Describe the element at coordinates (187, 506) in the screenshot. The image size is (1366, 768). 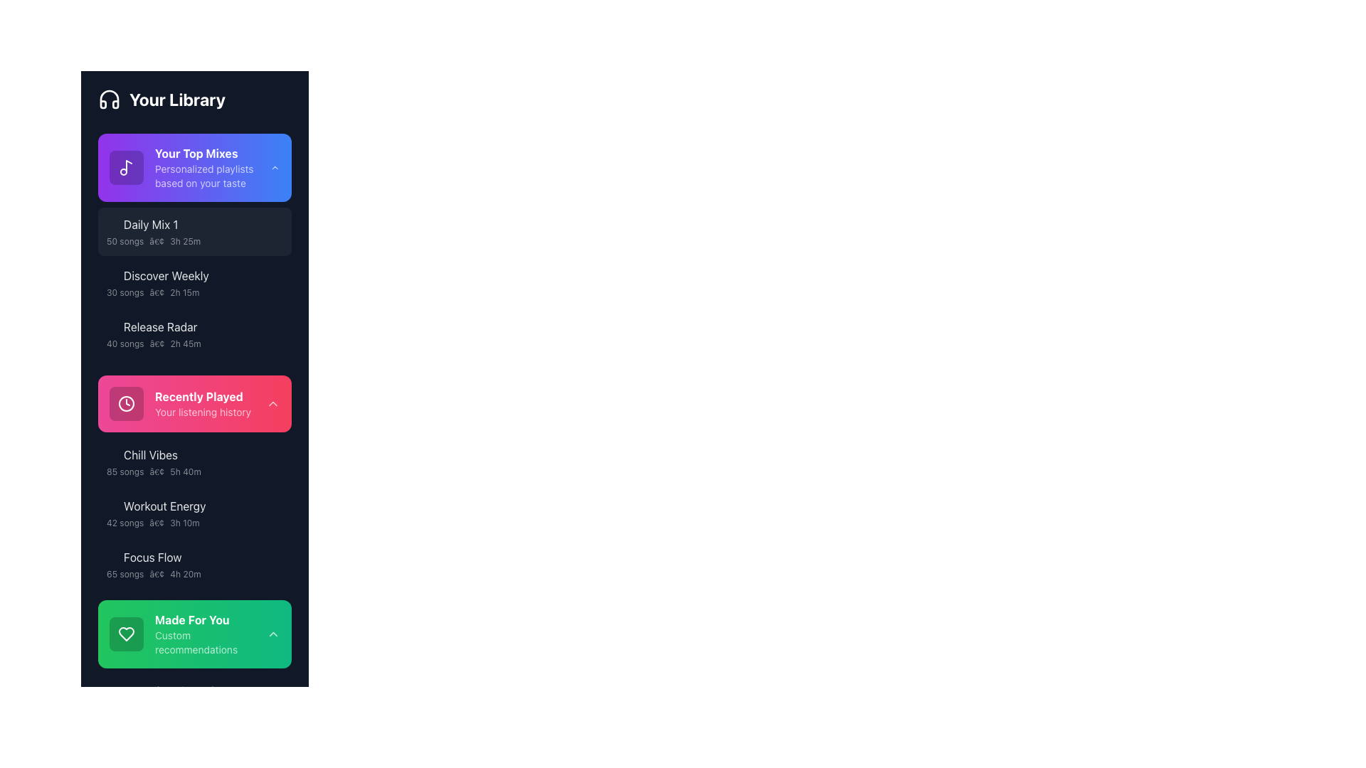
I see `the 'Workout Energy' text label` at that location.